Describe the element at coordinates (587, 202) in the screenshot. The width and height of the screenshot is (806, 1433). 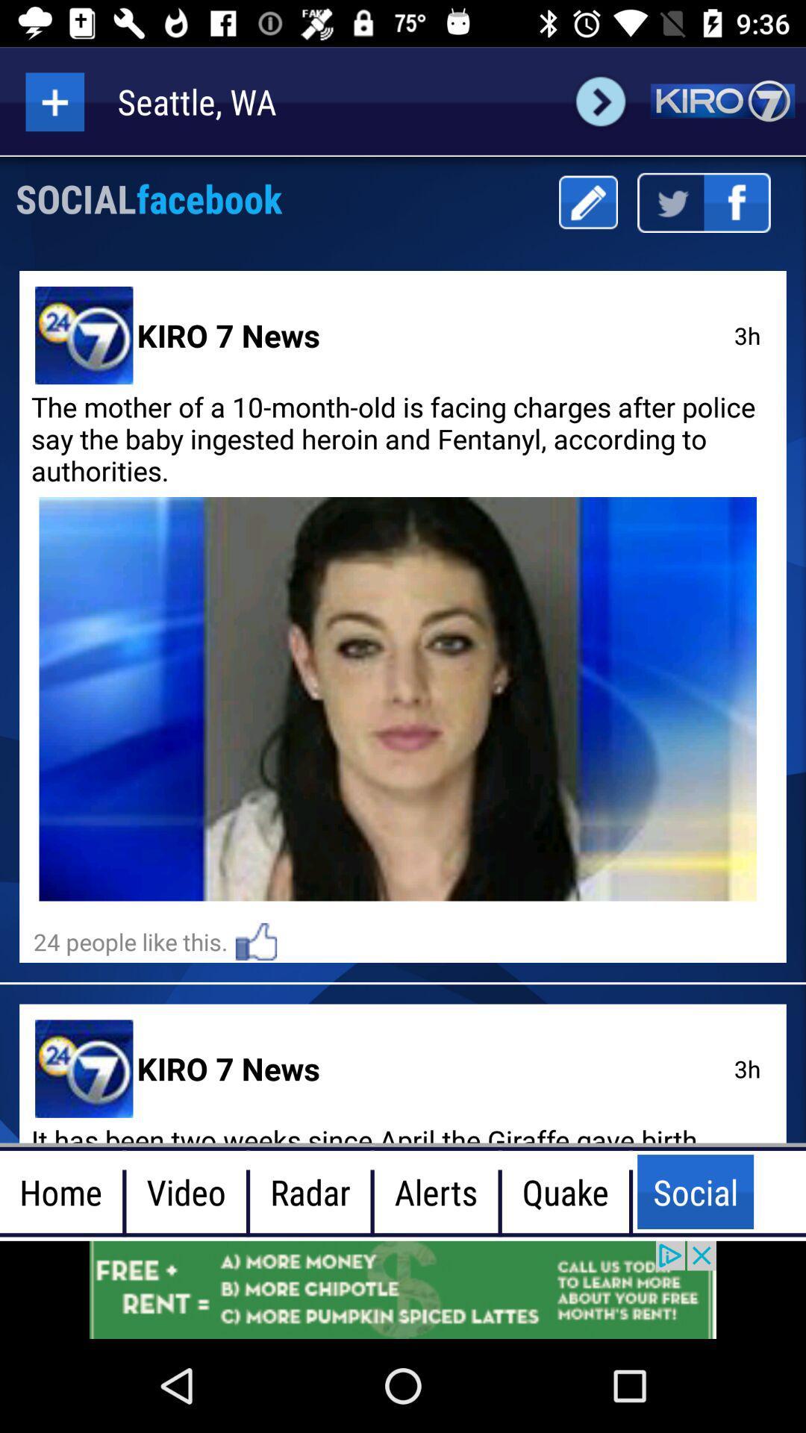
I see `the edit icon` at that location.